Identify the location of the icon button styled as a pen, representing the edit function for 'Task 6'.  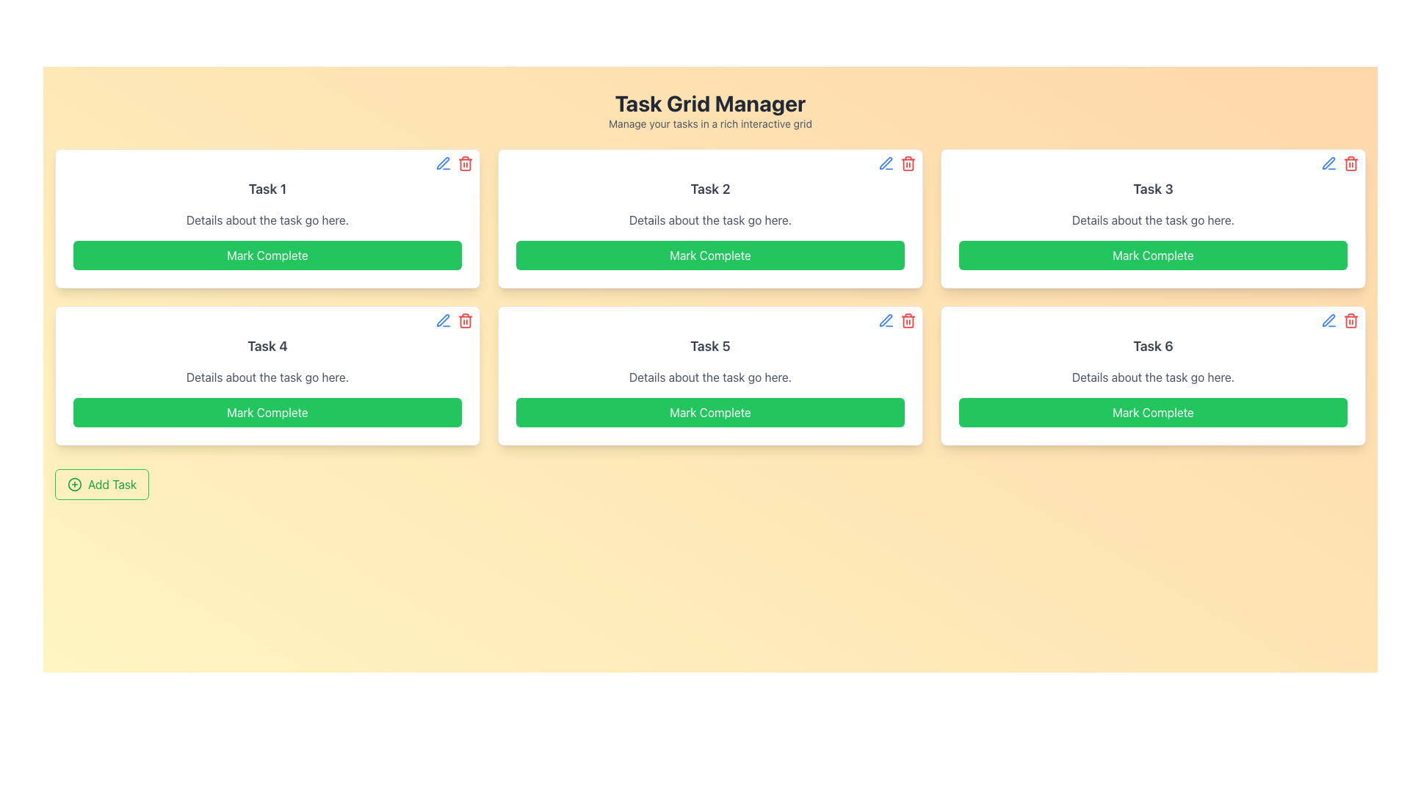
(1328, 319).